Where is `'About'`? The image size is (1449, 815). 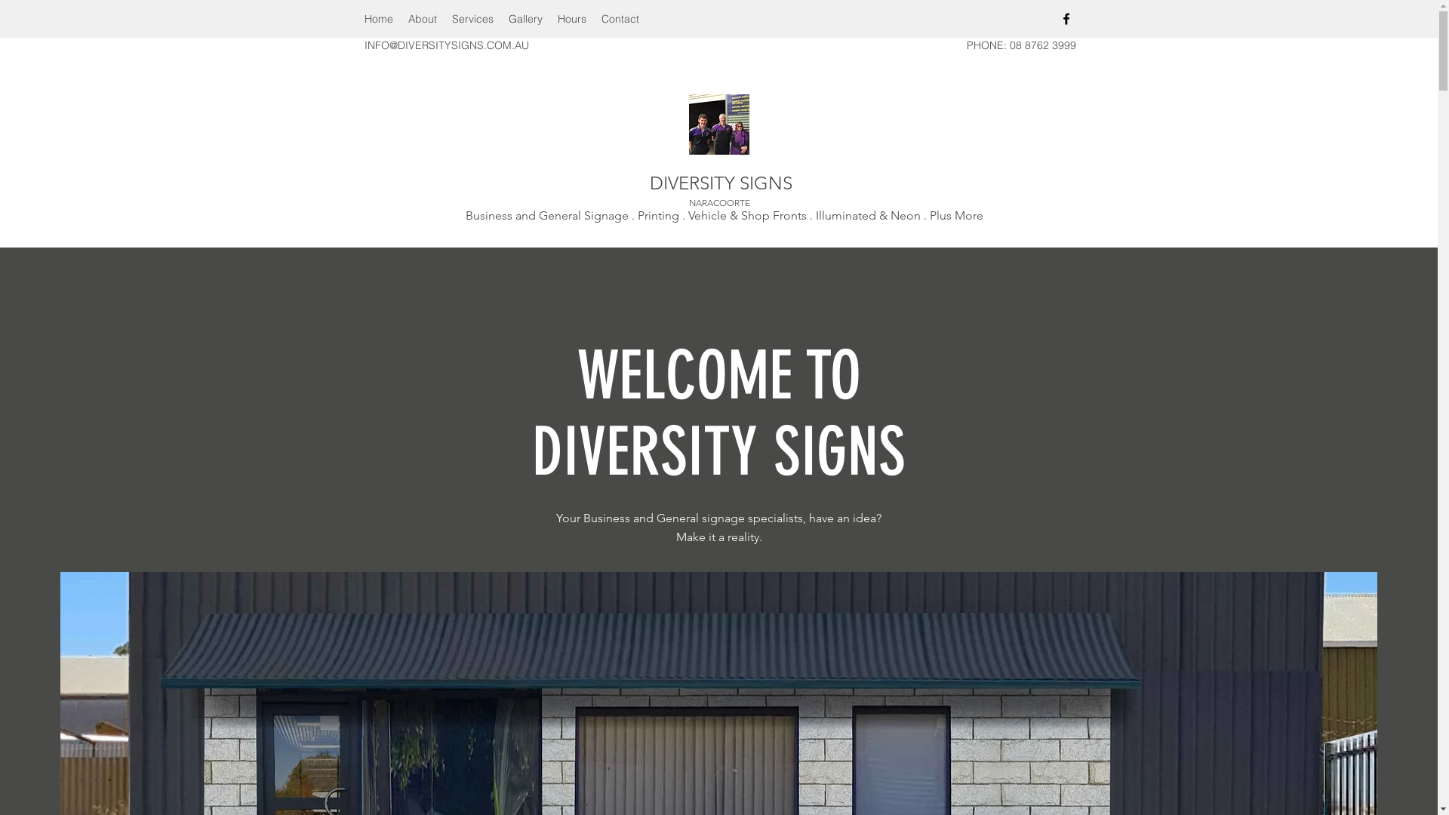
'About' is located at coordinates (421, 18).